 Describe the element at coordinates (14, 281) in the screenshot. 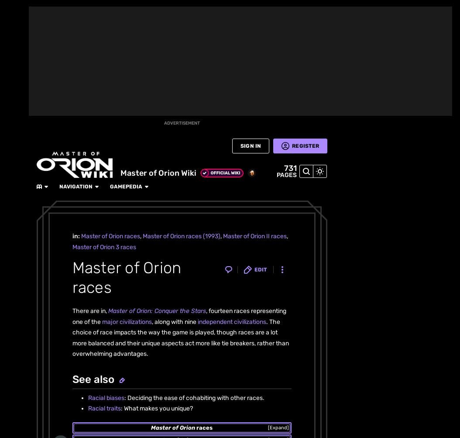

I see `'Wikis'` at that location.